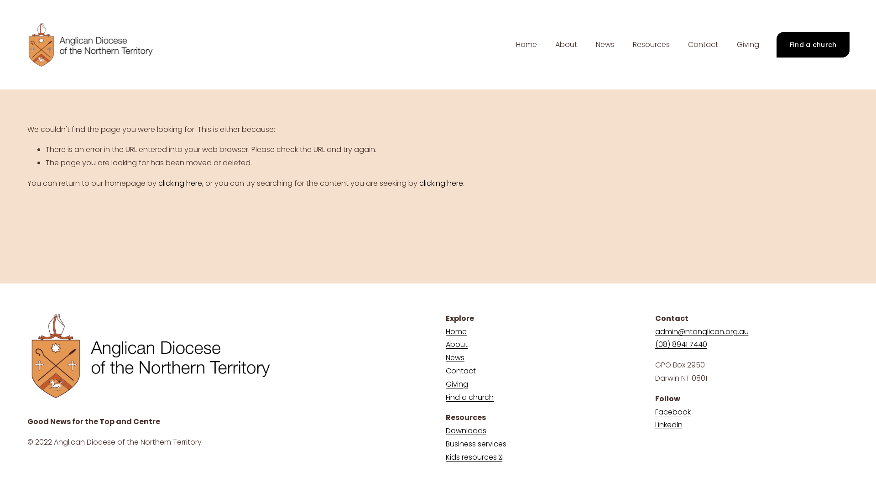 This screenshot has height=493, width=876. I want to click on 'LinkedIn', so click(654, 425).